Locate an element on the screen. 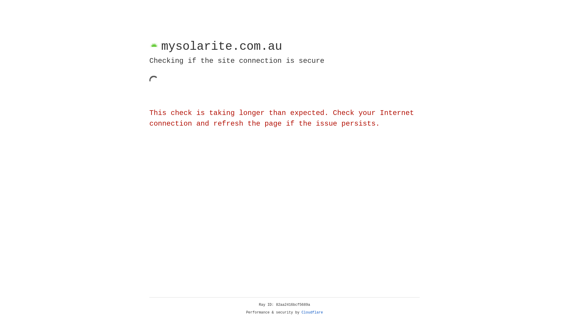 The width and height of the screenshot is (569, 320). 'Cloudflare' is located at coordinates (312, 312).